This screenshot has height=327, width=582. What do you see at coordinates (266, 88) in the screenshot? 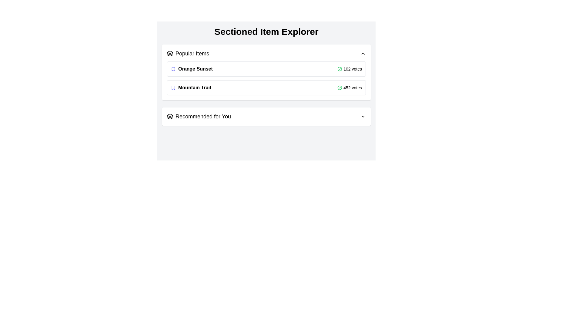
I see `the informative list item for 'Mountain Trail' which is the second item in the 'Popular Items' section` at bounding box center [266, 88].